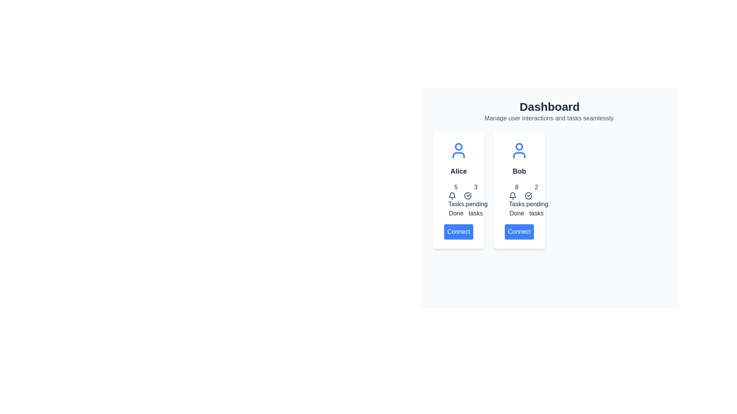  Describe the element at coordinates (459, 171) in the screenshot. I see `the text label displaying 'Alice'` at that location.